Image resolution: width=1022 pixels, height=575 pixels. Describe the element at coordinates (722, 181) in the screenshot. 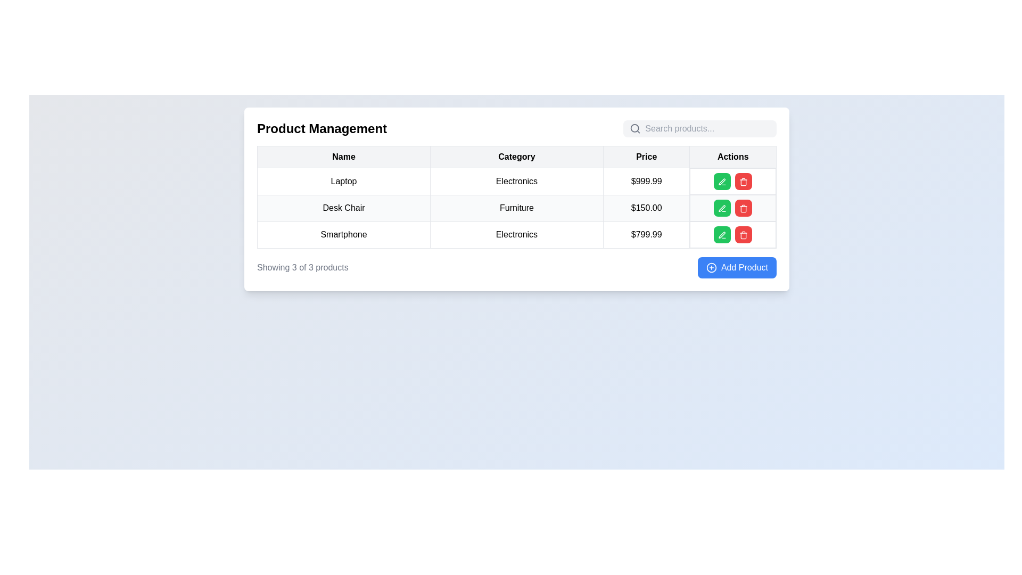

I see `the pen icon styled with a thin stroke and rounded ends, which is part of the 'Actions' column in the first row of the table, to initiate editing mode` at that location.